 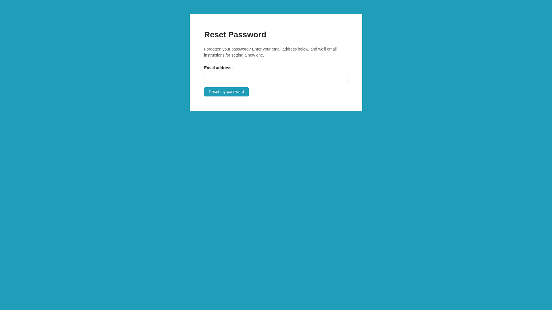 I want to click on 'Reset my password', so click(x=226, y=92).